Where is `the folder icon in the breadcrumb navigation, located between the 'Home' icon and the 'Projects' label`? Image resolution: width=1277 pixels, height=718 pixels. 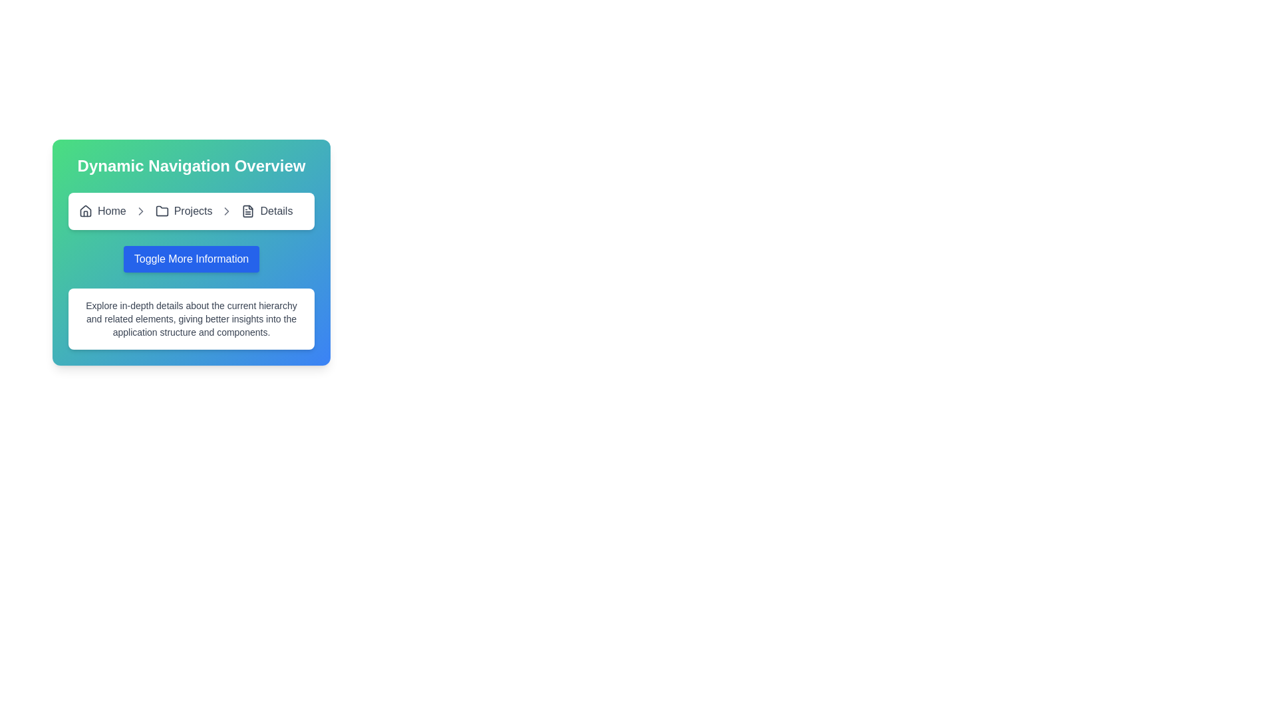
the folder icon in the breadcrumb navigation, located between the 'Home' icon and the 'Projects' label is located at coordinates (161, 210).